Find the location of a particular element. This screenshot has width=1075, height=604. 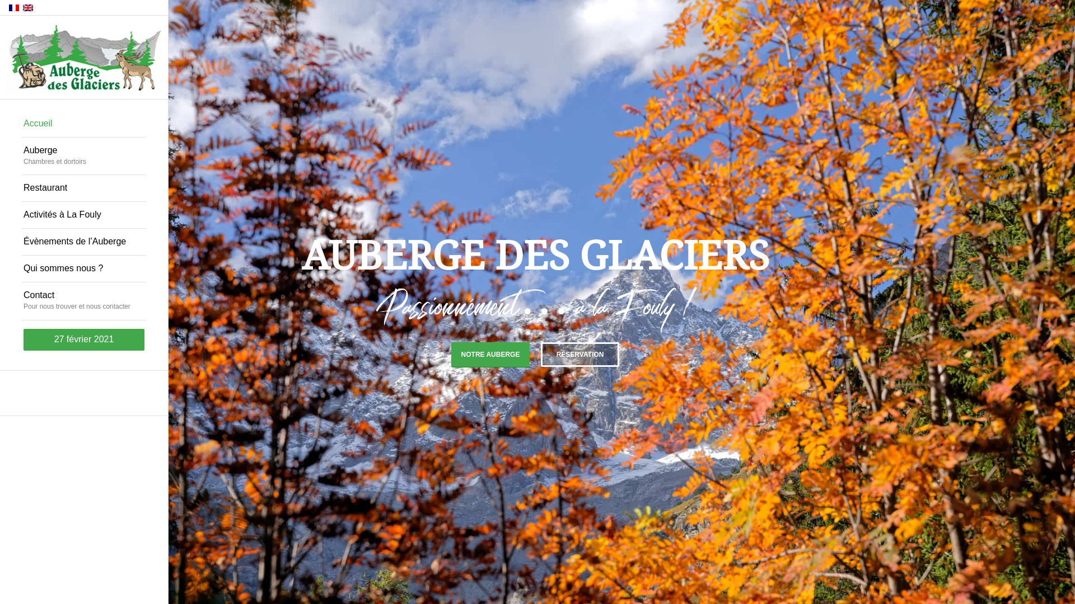

'Restaurant' is located at coordinates (83, 187).